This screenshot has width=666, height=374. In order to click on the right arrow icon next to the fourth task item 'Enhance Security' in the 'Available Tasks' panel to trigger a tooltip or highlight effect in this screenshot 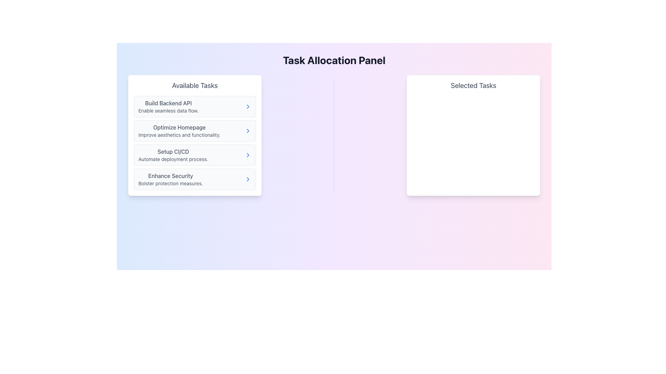, I will do `click(248, 179)`.